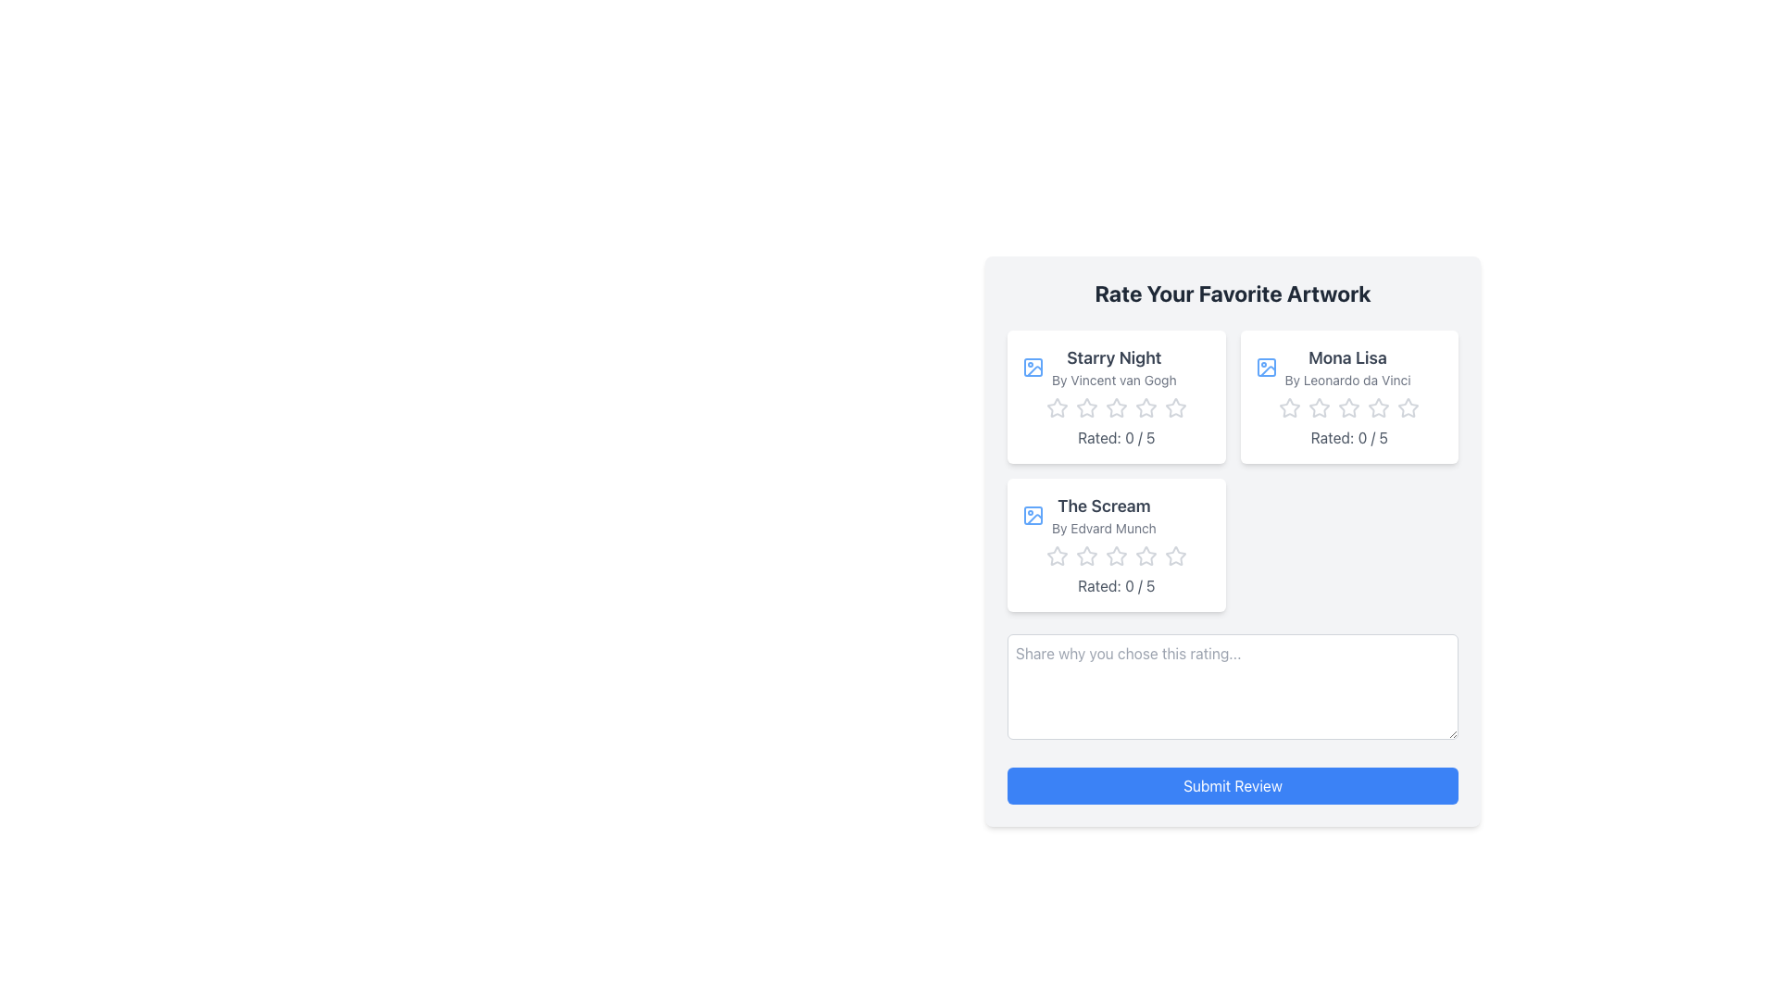 Image resolution: width=1778 pixels, height=1000 pixels. I want to click on the Text Input Area where users can share comments or feedback about their chosen ratings, located above the blue 'Submit Review' button, so click(1233, 686).